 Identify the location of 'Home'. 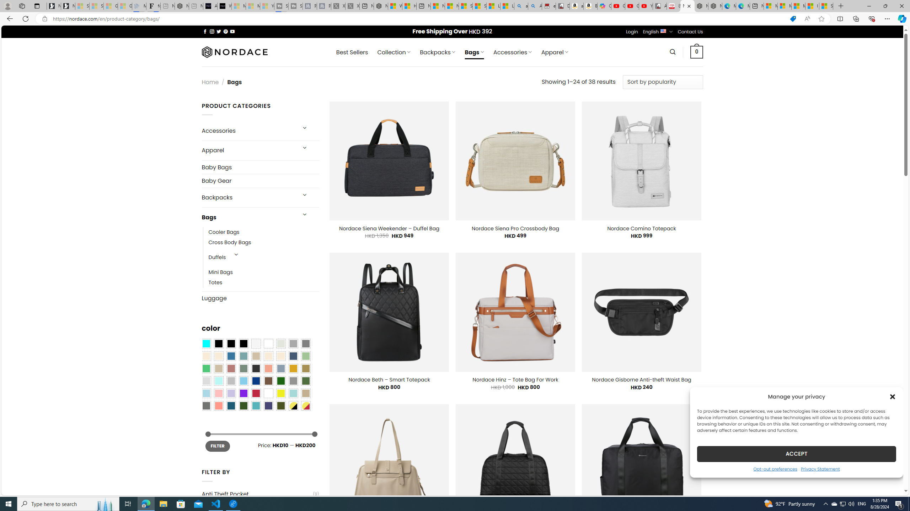
(210, 82).